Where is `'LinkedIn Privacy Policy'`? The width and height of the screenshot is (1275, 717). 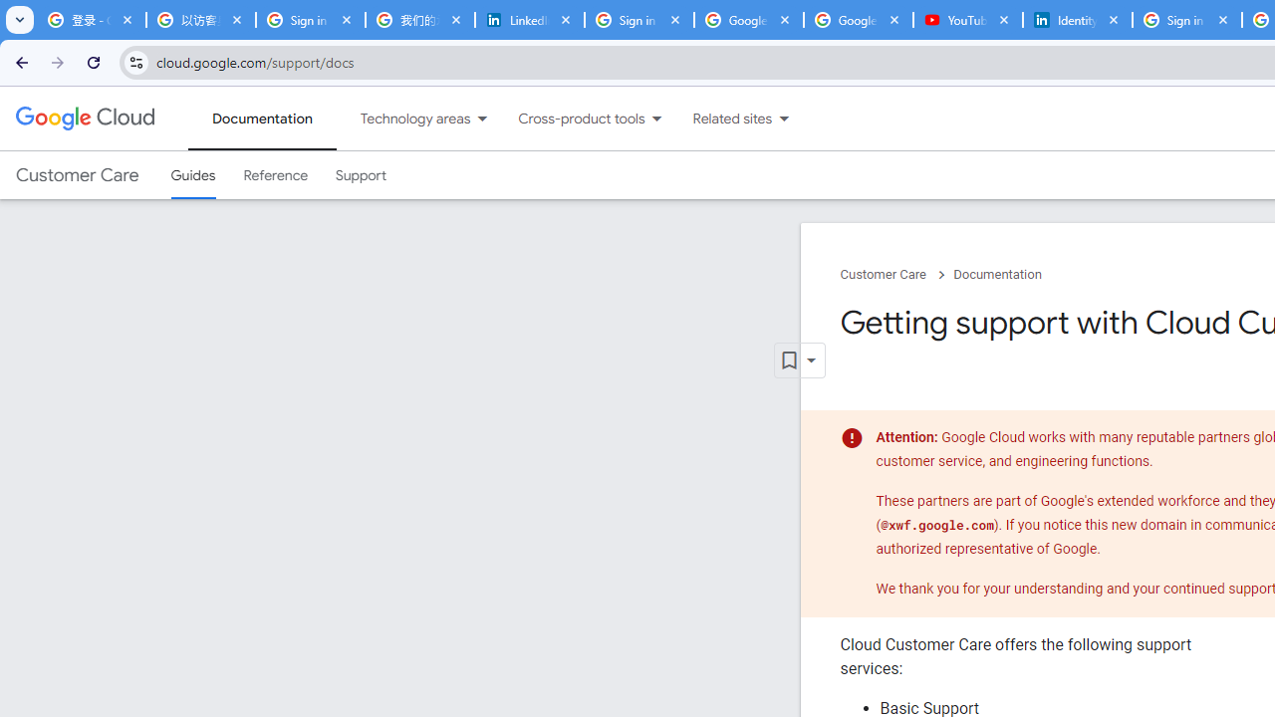
'LinkedIn Privacy Policy' is located at coordinates (530, 20).